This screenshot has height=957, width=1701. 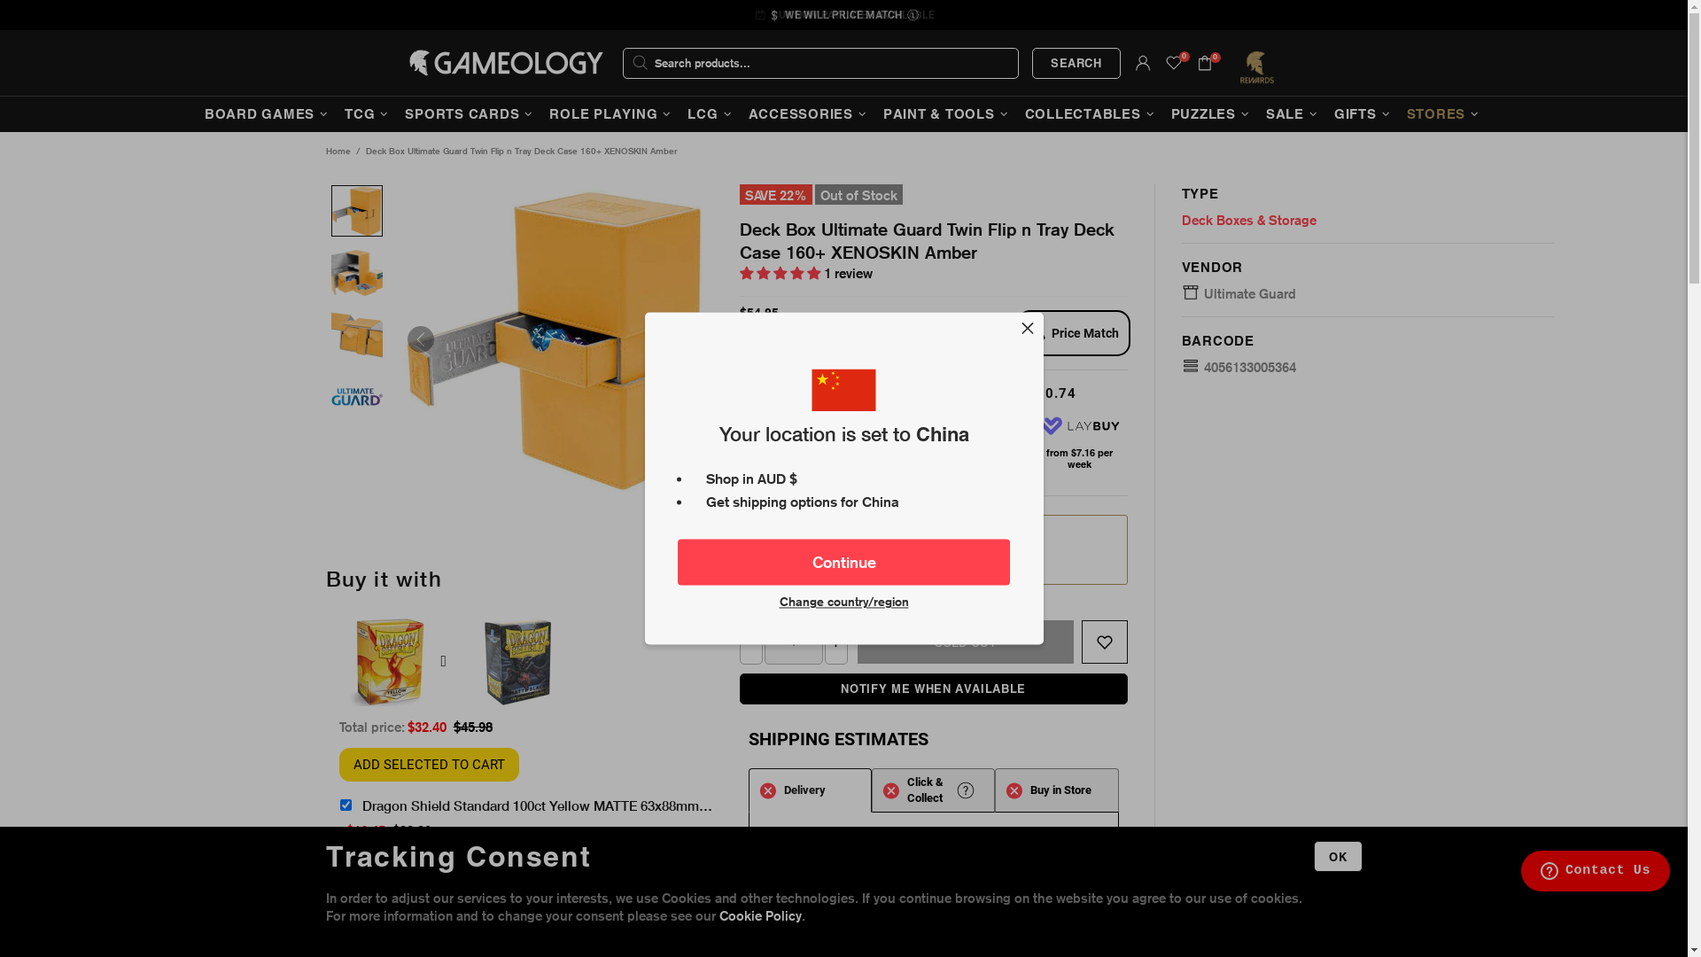 I want to click on 'SOLD OUT', so click(x=964, y=642).